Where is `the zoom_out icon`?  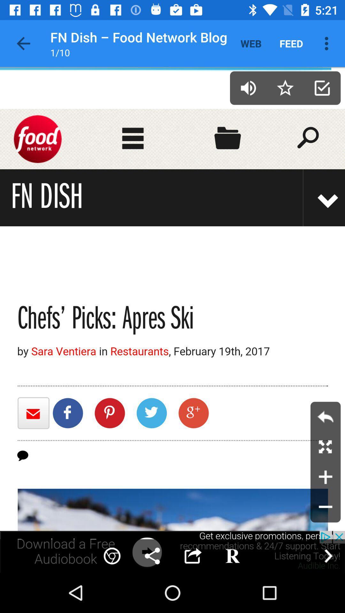 the zoom_out icon is located at coordinates (326, 507).